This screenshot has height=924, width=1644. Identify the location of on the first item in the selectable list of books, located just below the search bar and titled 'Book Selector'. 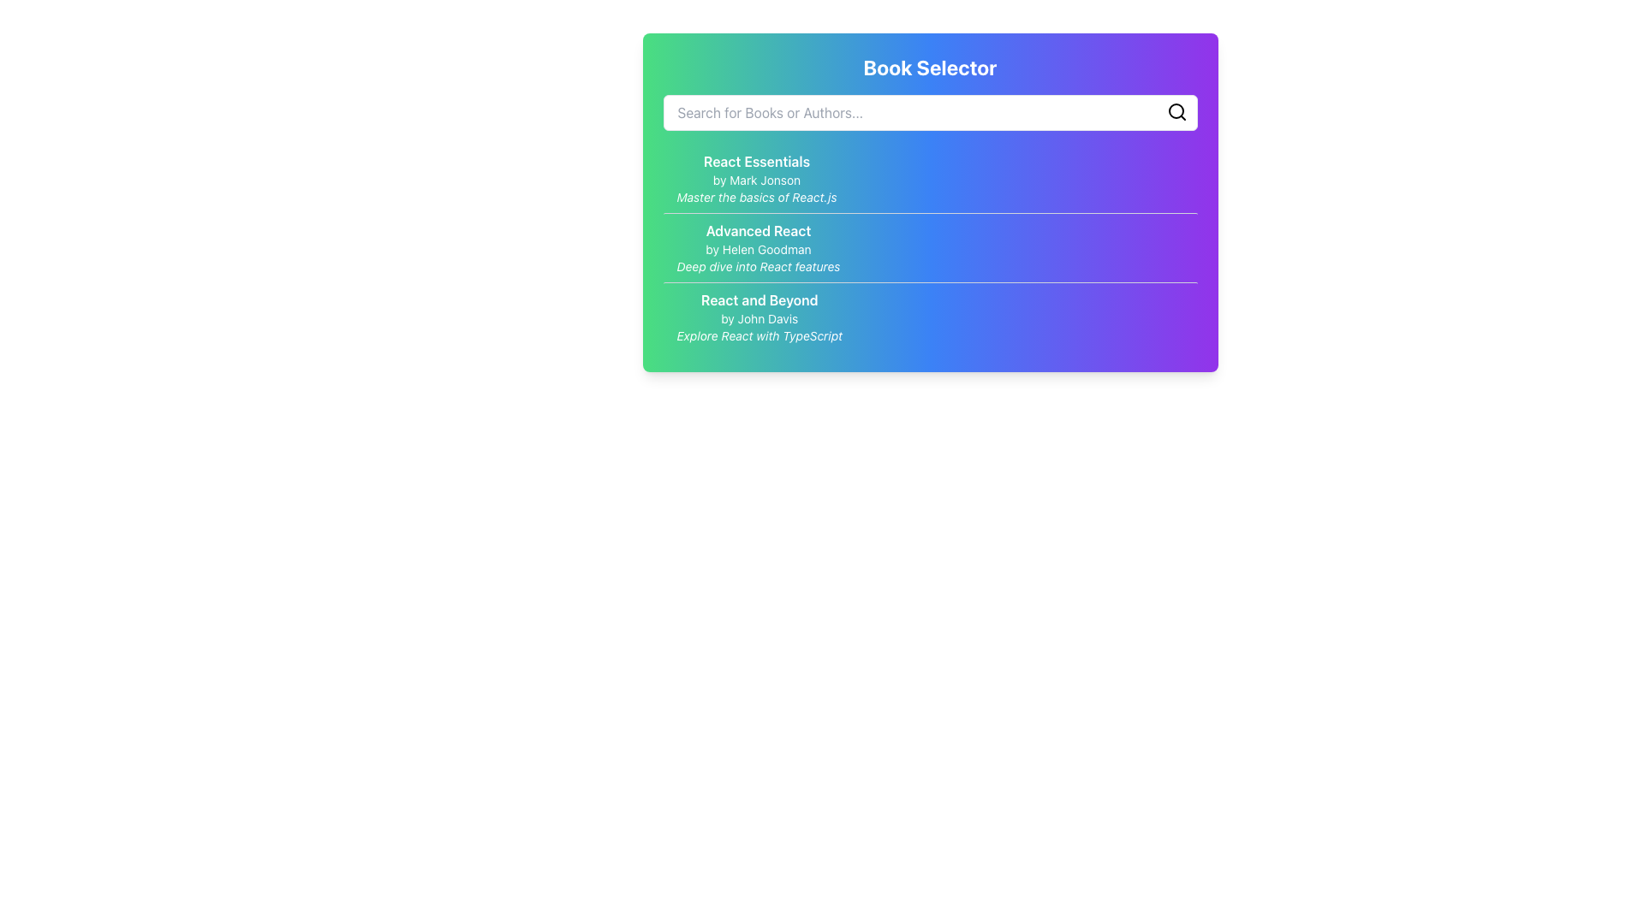
(755, 178).